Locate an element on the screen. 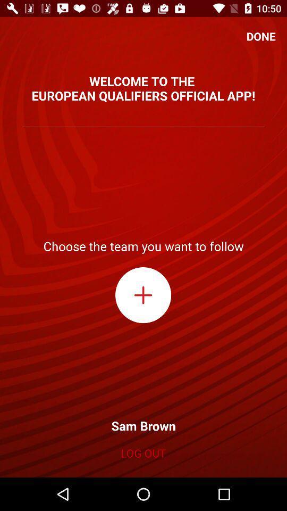 The width and height of the screenshot is (287, 511). option is located at coordinates (143, 295).